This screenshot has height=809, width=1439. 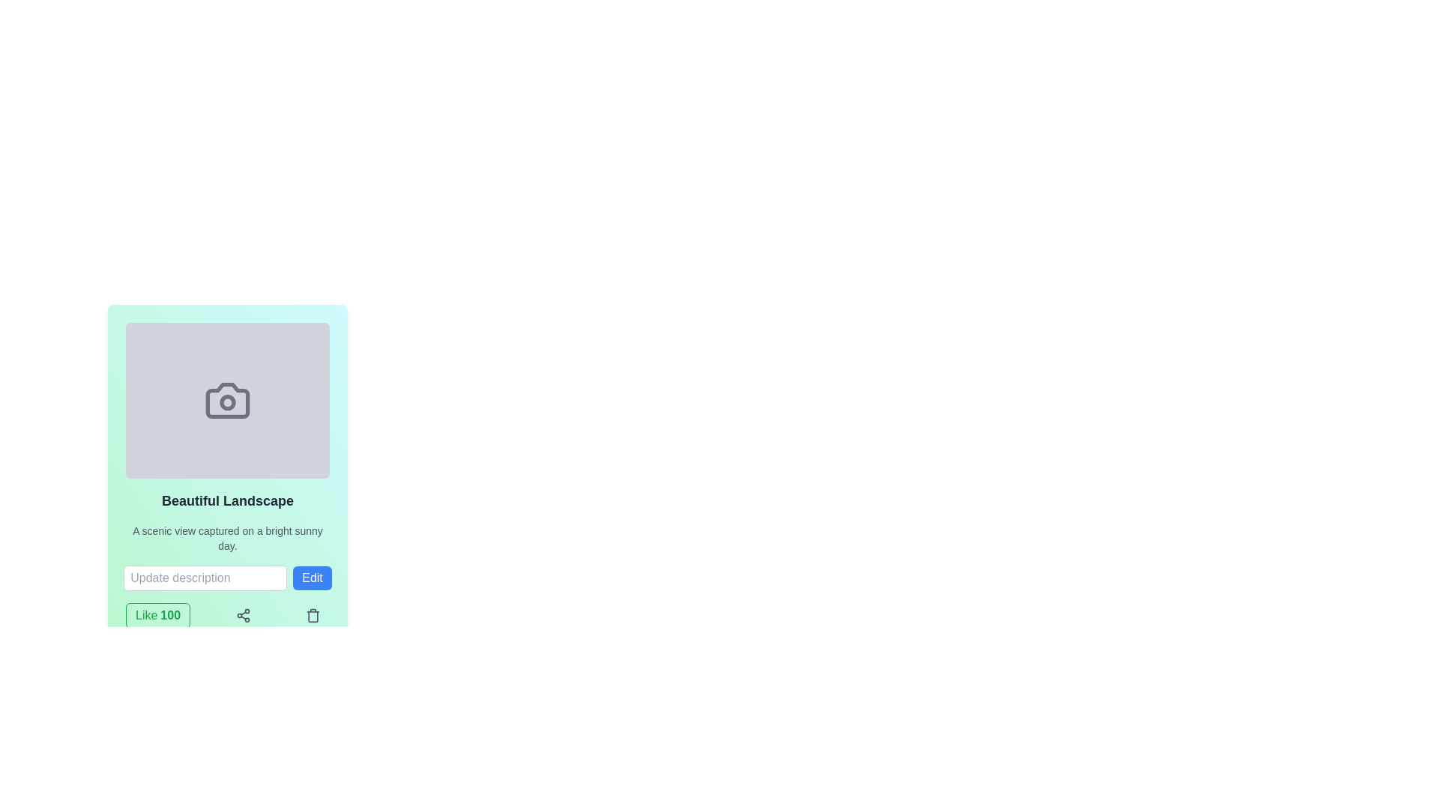 I want to click on the trash can icon button located at the bottom-right corner of the 'Beautiful Landscape' content description card, so click(x=312, y=615).